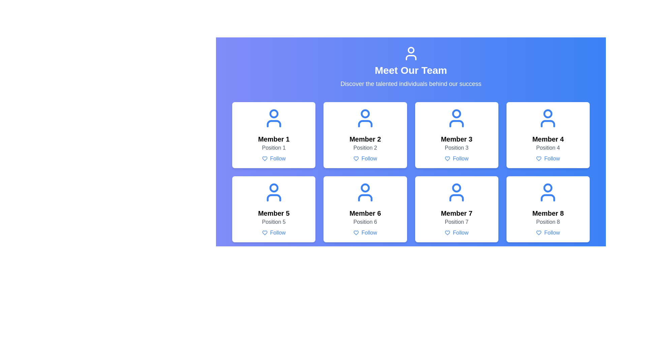 This screenshot has width=647, height=364. What do you see at coordinates (365, 118) in the screenshot?
I see `the user silhouette icon, which is a bold blue icon located in the second member card of the grid, above the text 'Member 2' and 'Position 2'` at bounding box center [365, 118].